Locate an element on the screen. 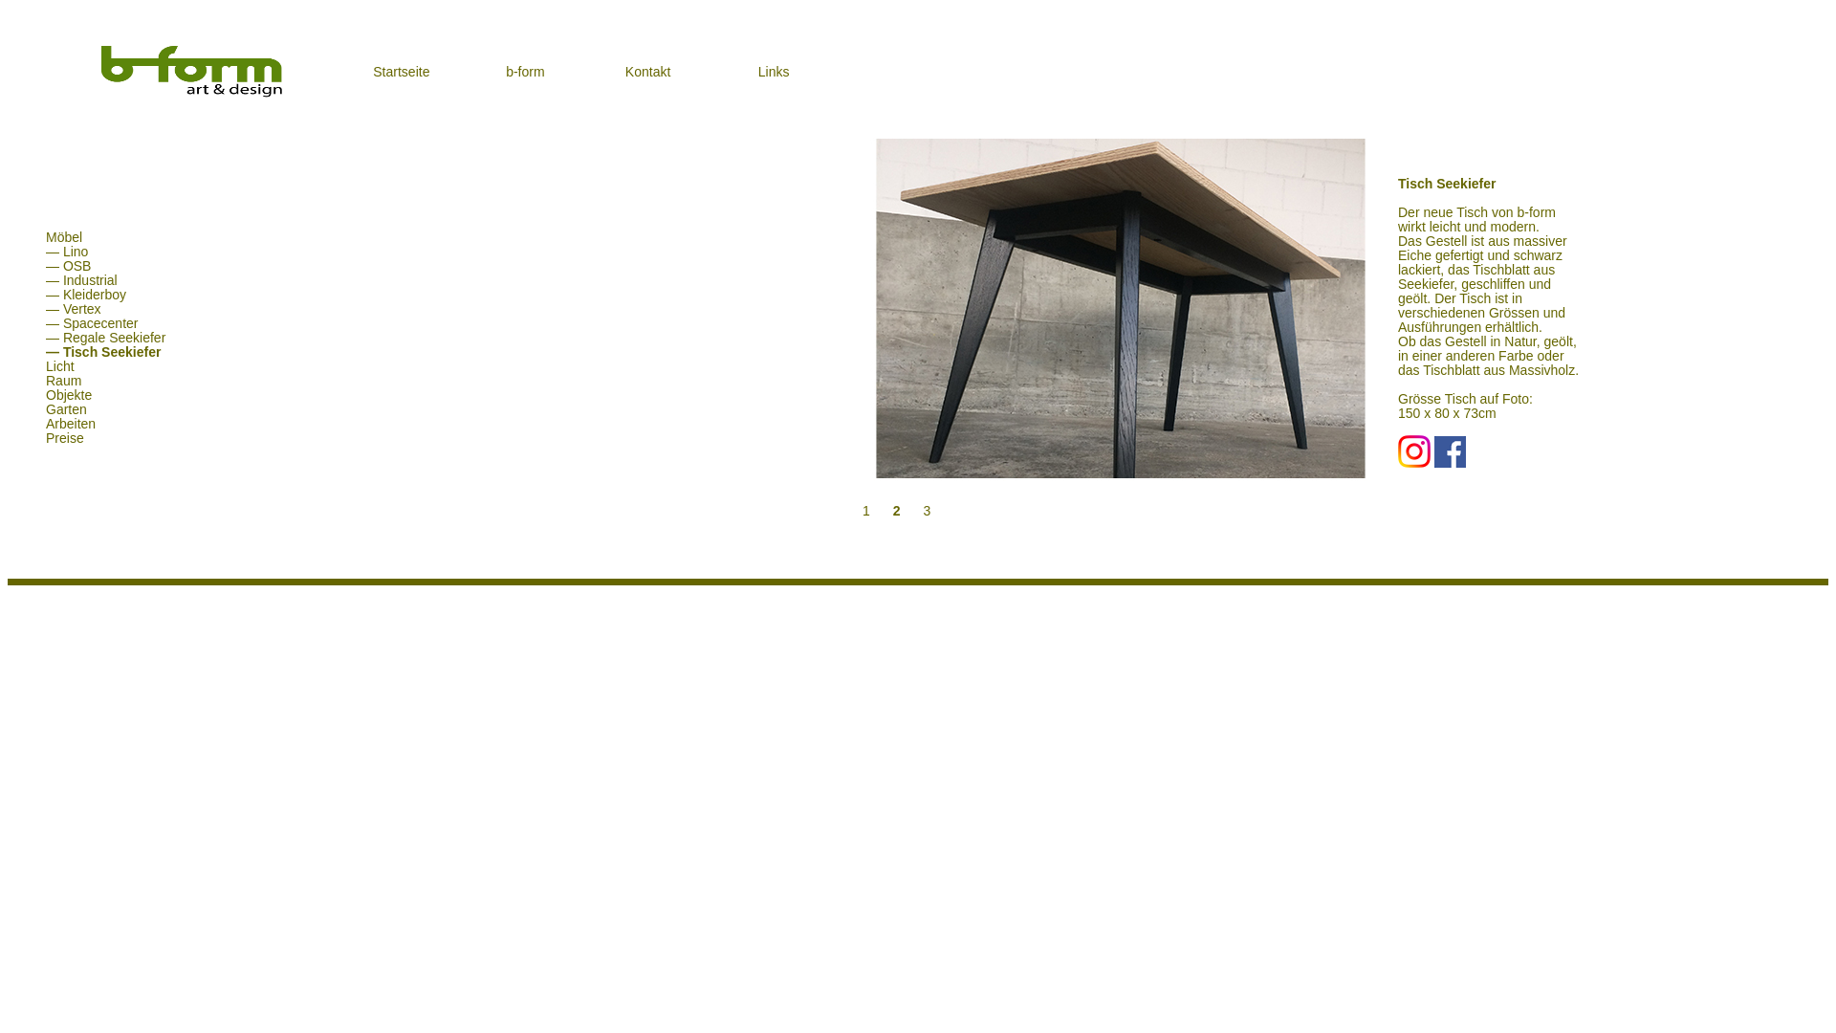  'Garten' is located at coordinates (56, 408).